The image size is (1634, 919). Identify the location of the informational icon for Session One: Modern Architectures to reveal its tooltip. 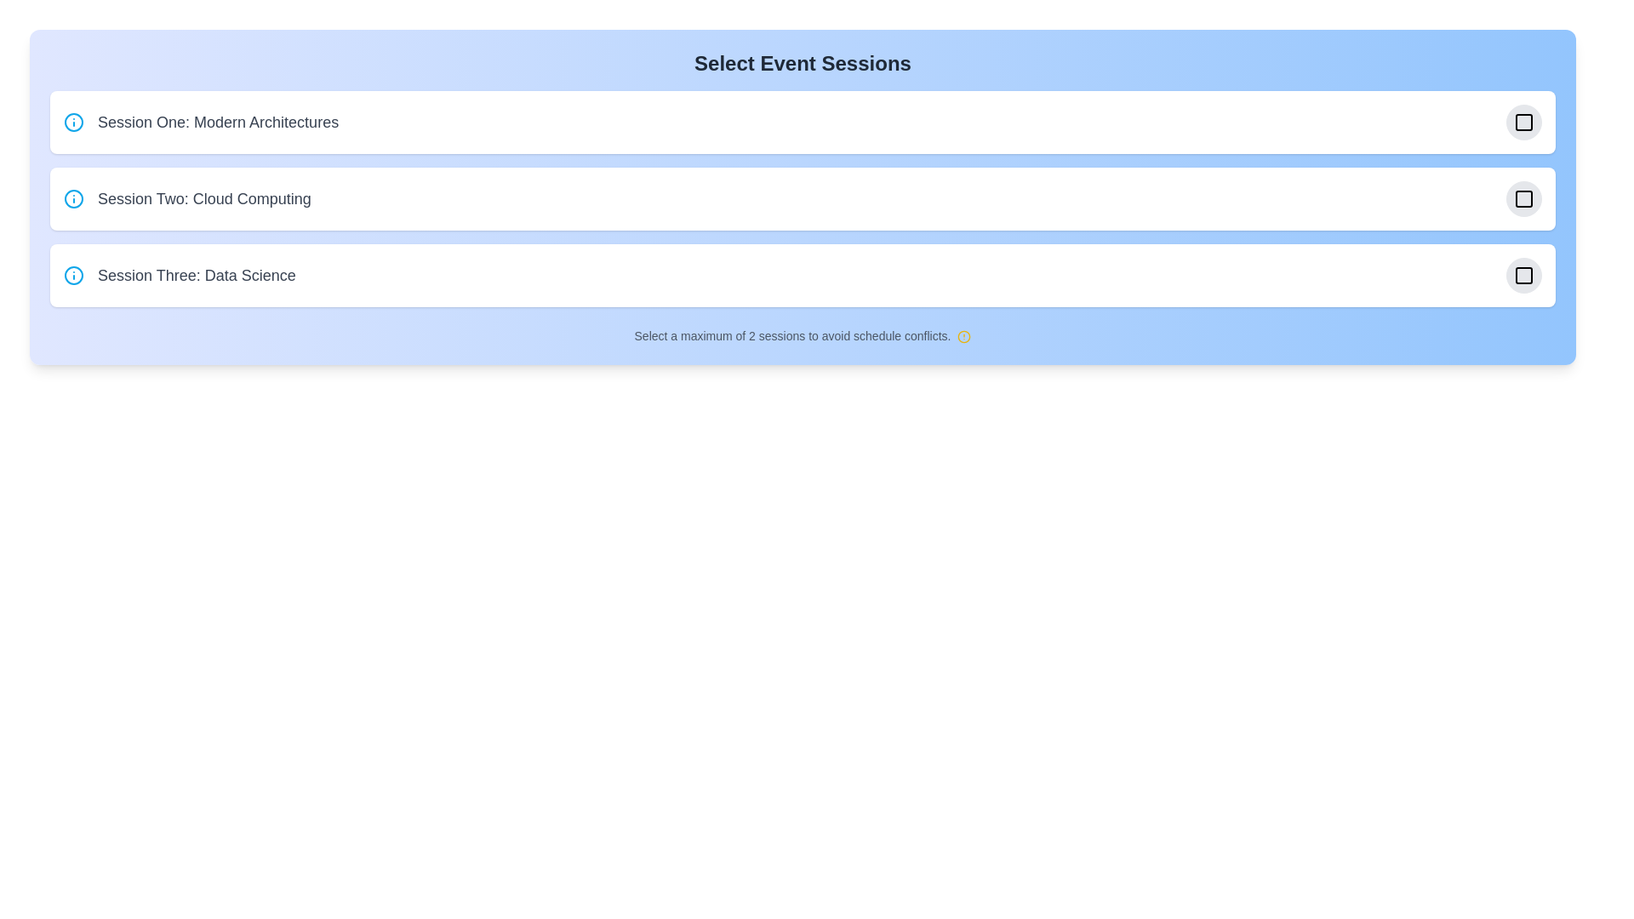
(72, 121).